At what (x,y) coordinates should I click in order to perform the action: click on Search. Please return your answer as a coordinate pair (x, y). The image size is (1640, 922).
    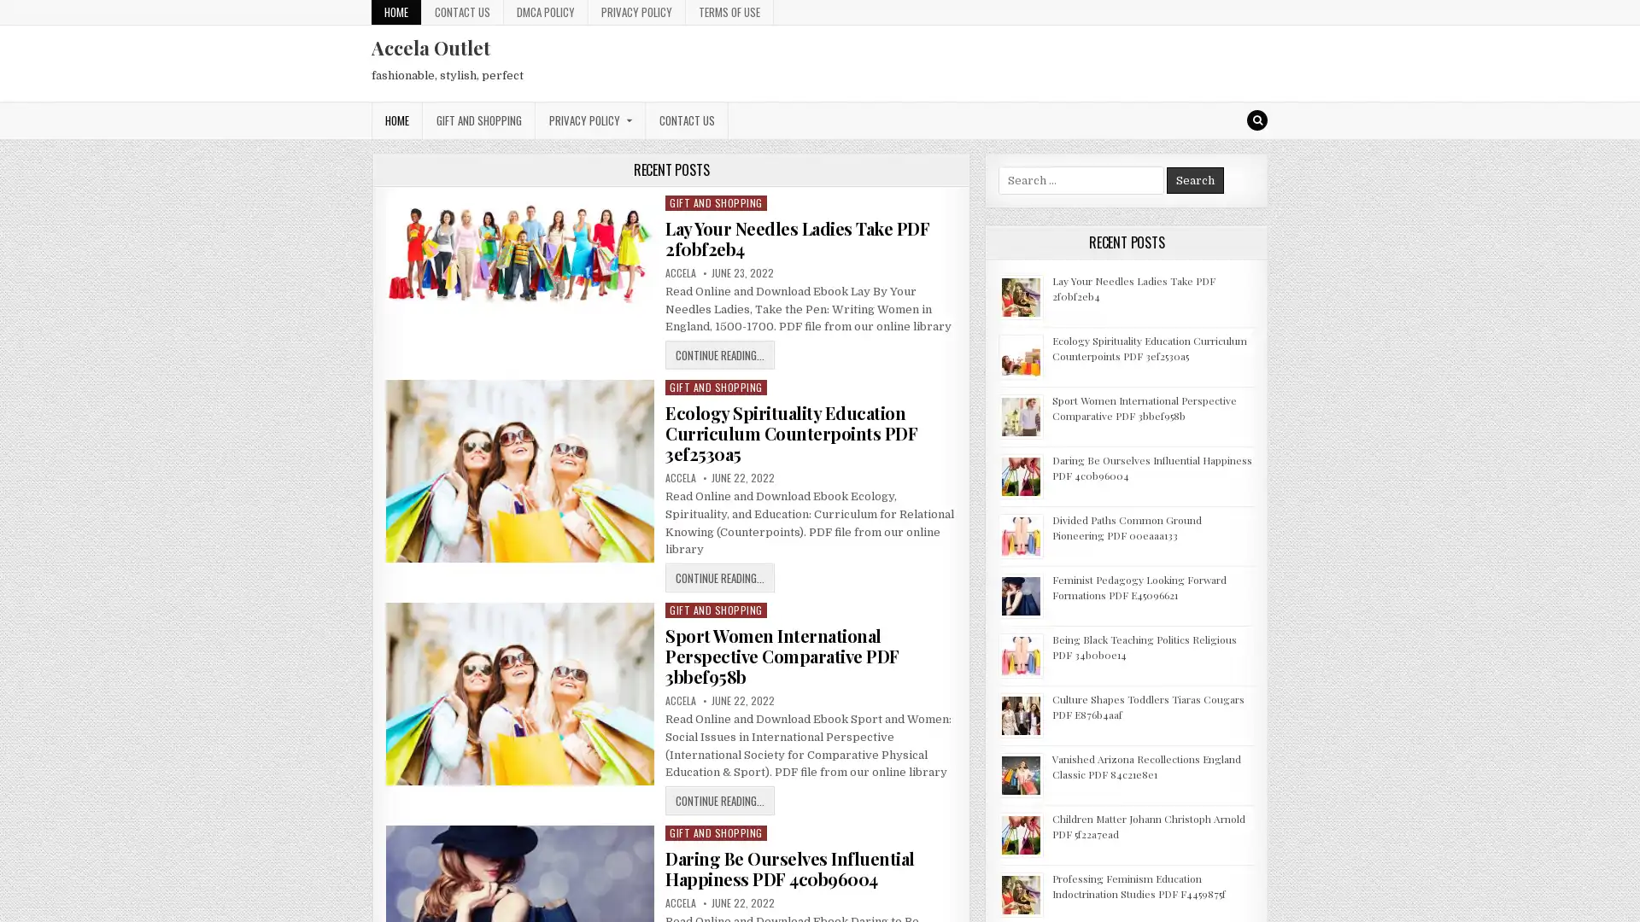
    Looking at the image, I should click on (1194, 180).